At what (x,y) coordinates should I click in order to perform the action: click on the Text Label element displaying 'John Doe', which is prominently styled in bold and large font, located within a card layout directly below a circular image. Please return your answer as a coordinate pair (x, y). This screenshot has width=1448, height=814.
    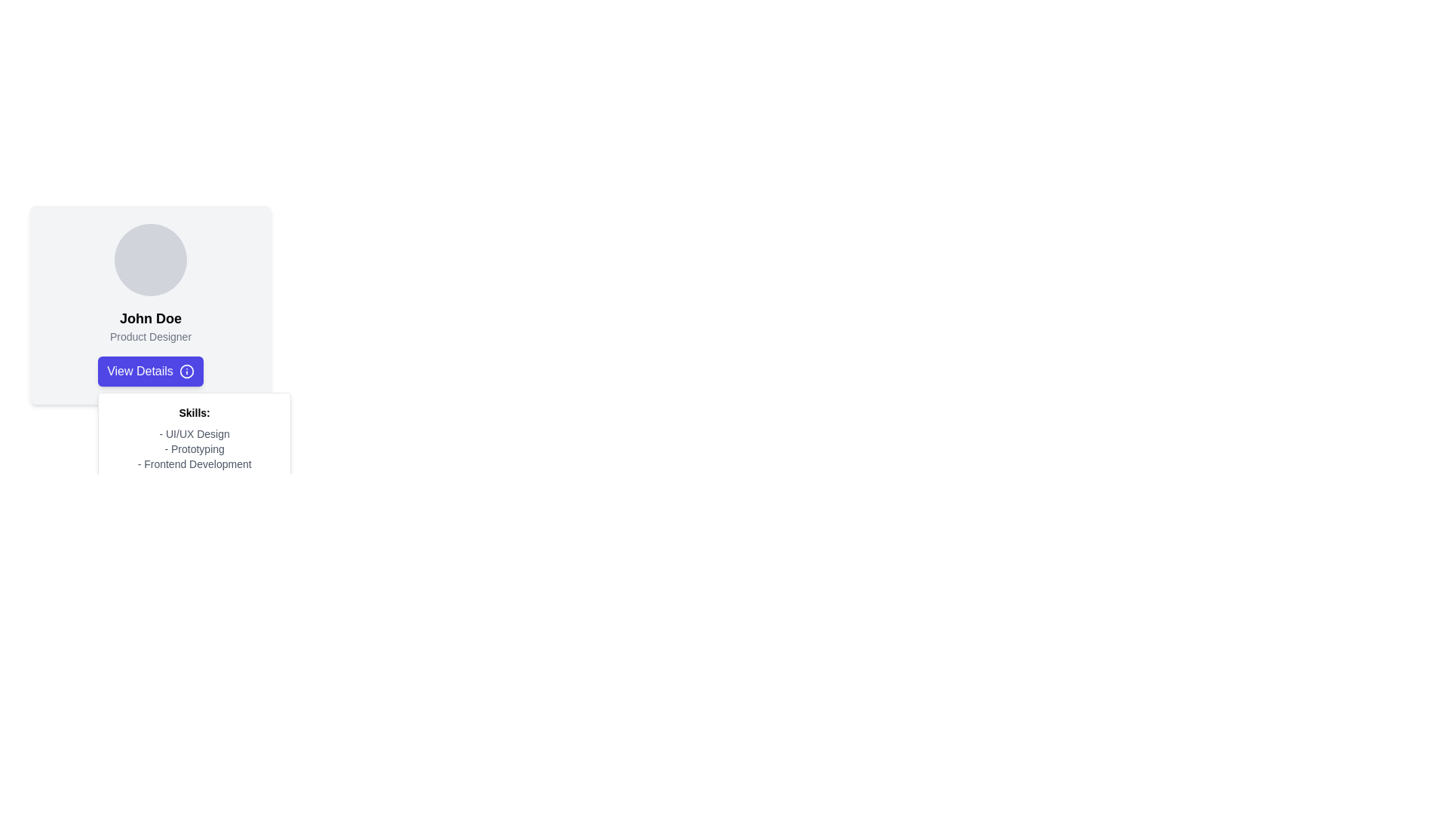
    Looking at the image, I should click on (151, 318).